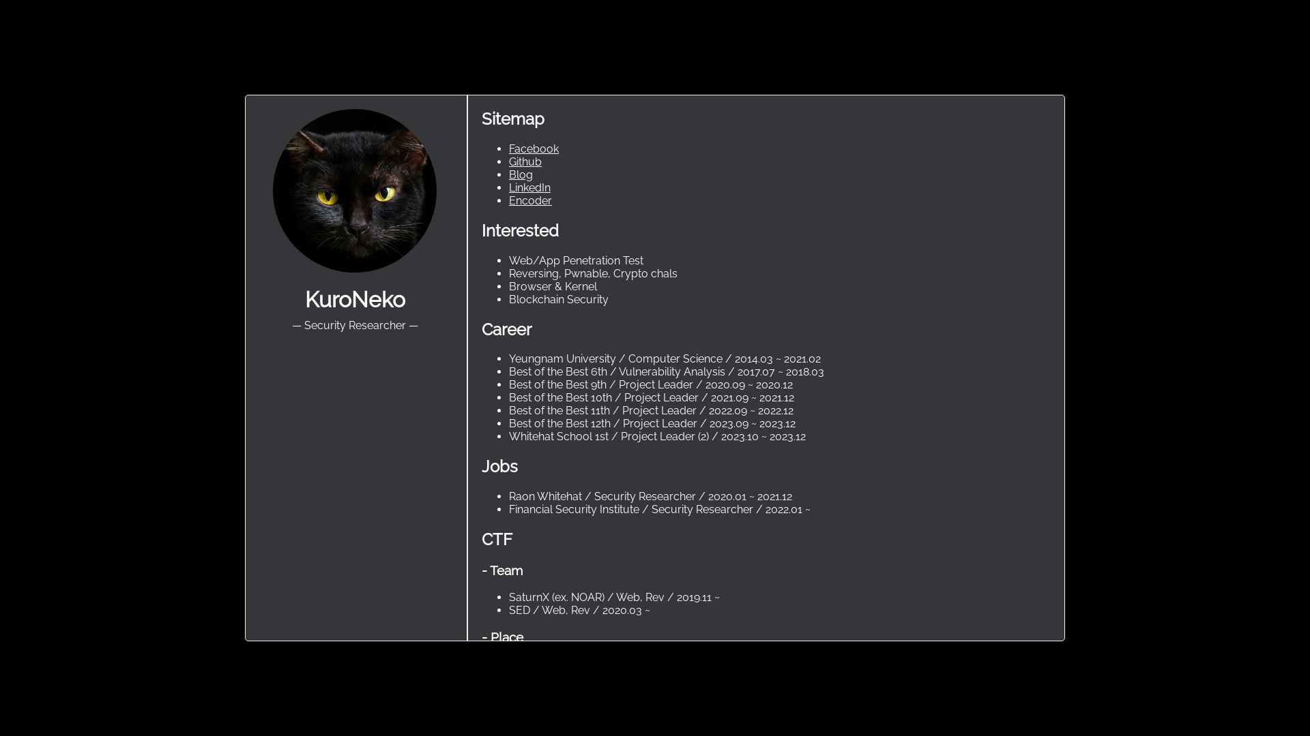  Describe the element at coordinates (529, 200) in the screenshot. I see `'Encoder'` at that location.